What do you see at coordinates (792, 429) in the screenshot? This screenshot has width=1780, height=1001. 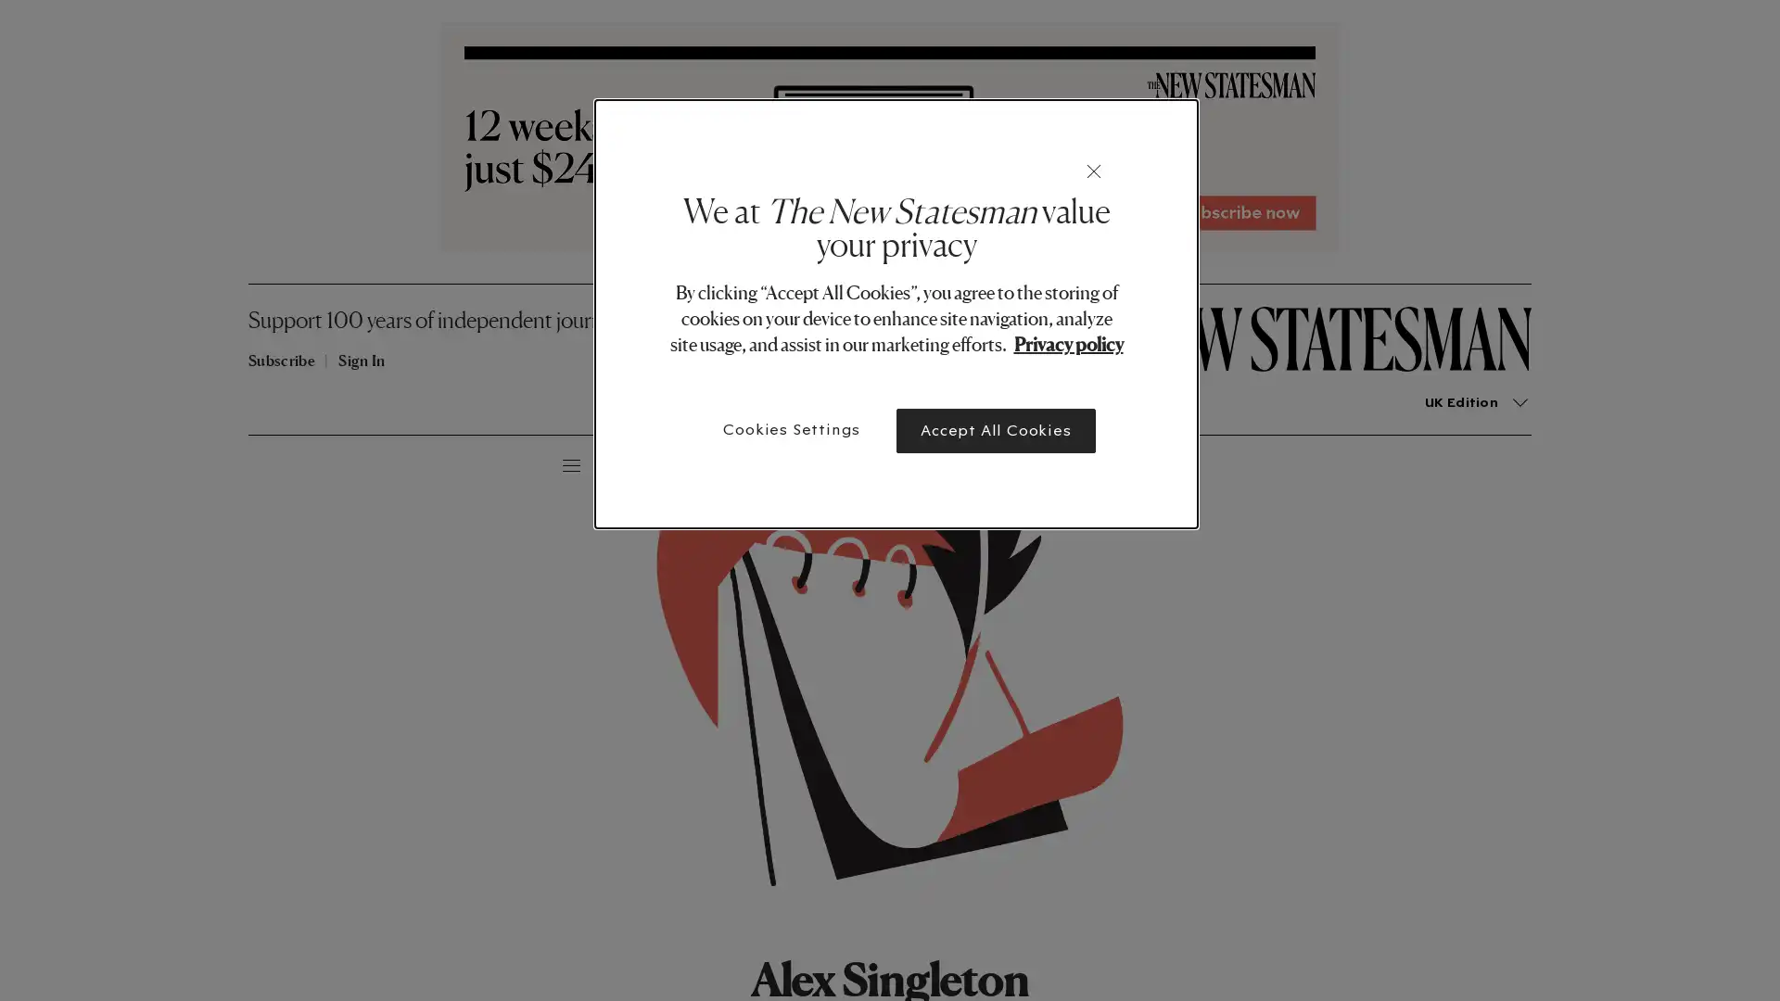 I see `Cookies Settings` at bounding box center [792, 429].